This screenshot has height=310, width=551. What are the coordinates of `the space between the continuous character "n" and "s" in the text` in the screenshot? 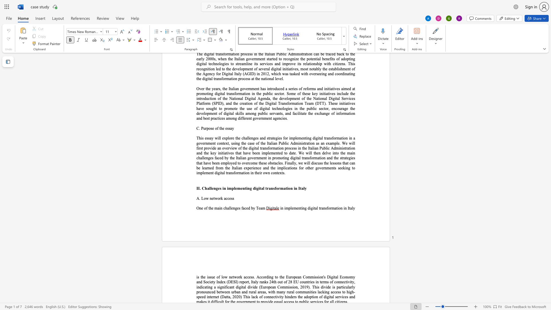 It's located at (232, 173).